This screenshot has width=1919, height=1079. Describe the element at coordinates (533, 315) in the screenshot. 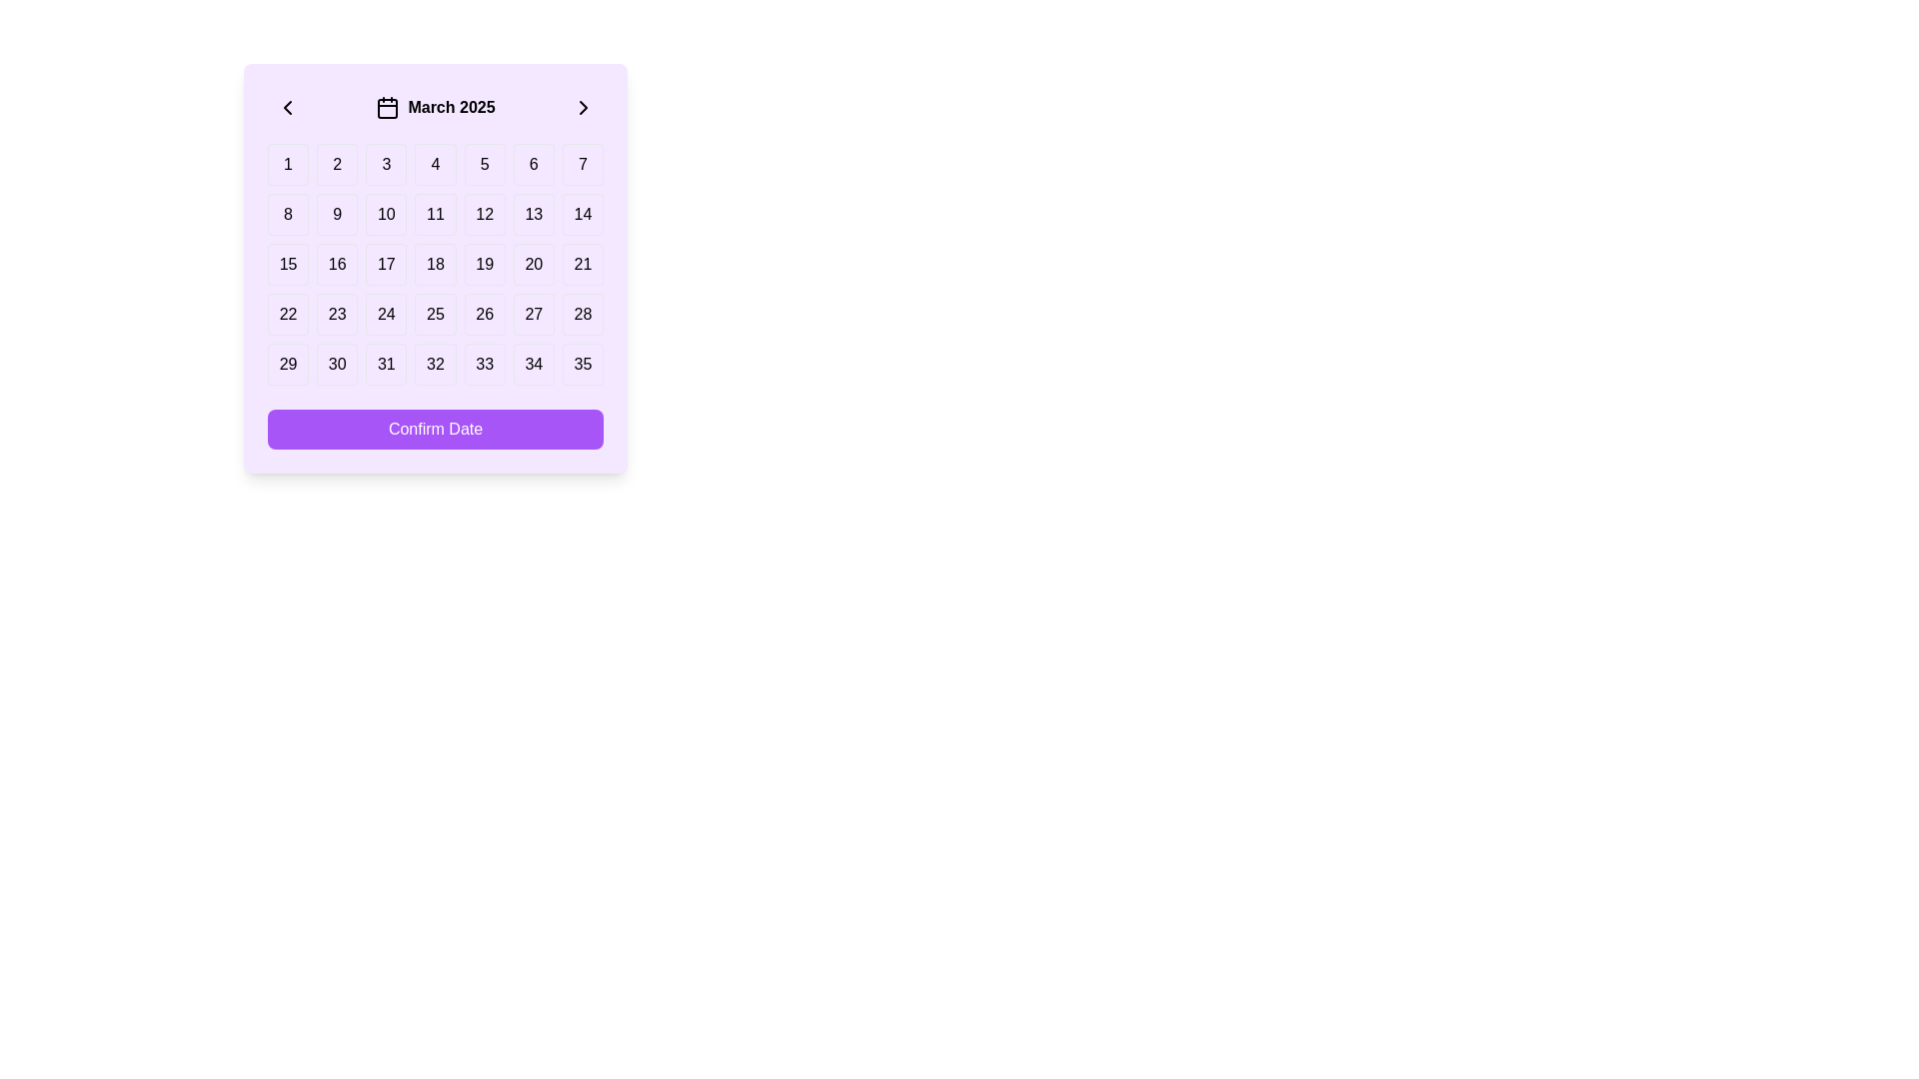

I see `the selectable date cell button corresponding to the 27th in the calendar` at that location.